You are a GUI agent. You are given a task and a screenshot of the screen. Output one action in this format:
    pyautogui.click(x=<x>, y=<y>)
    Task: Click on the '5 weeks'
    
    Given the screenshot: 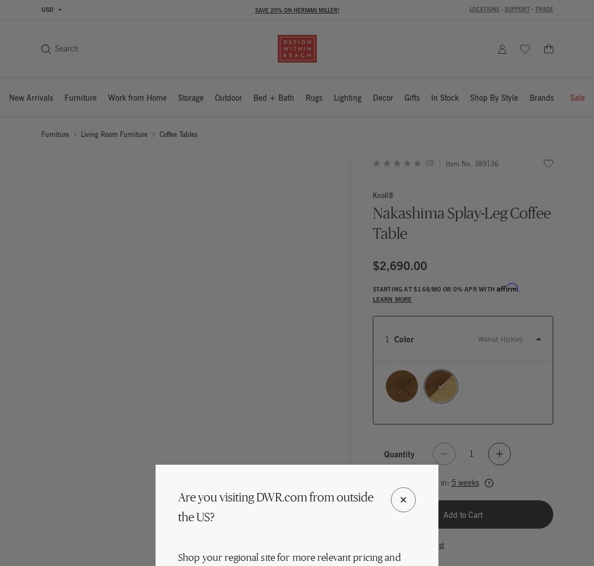 What is the action you would take?
    pyautogui.click(x=464, y=482)
    